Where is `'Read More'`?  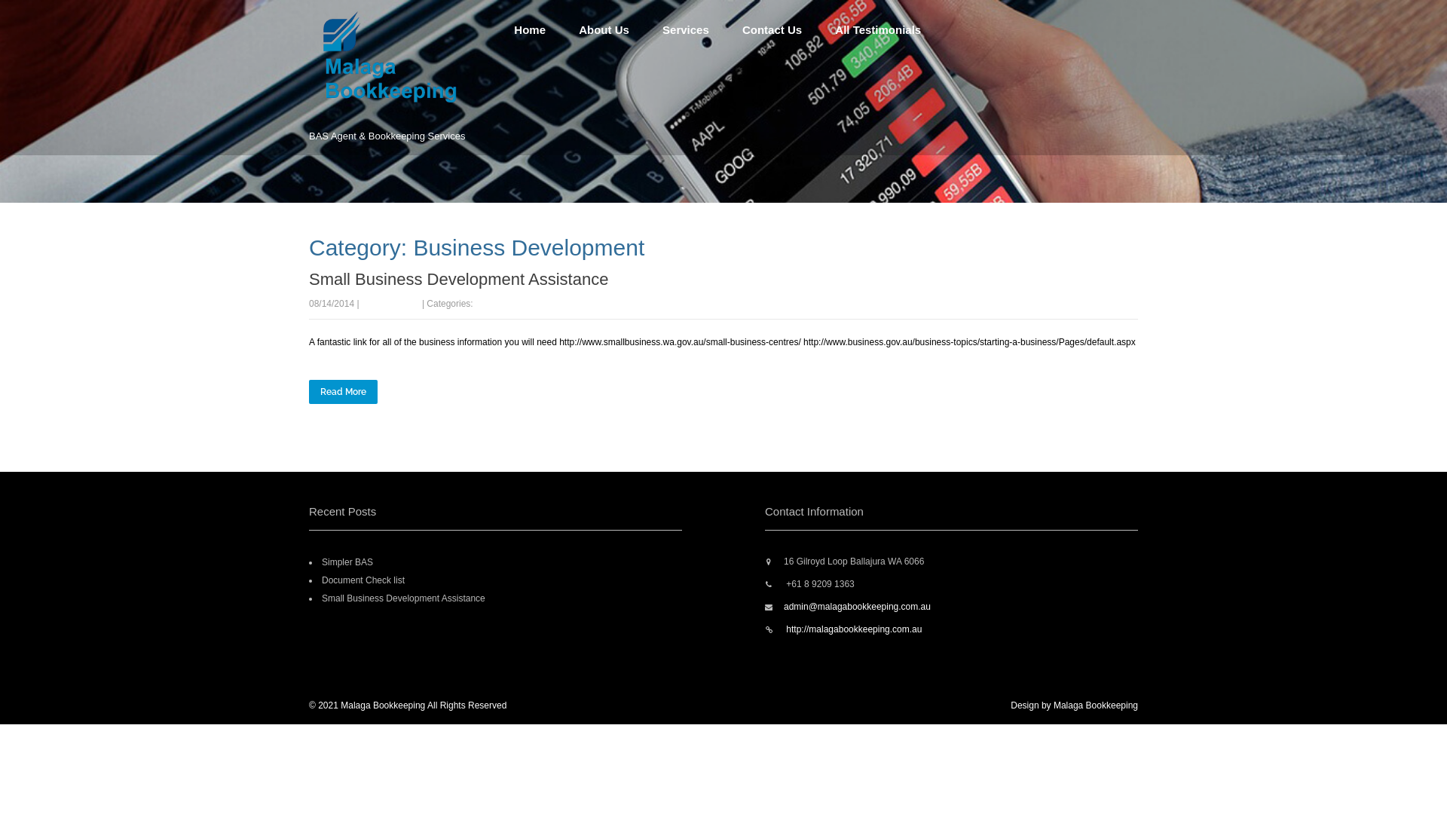 'Read More' is located at coordinates (342, 391).